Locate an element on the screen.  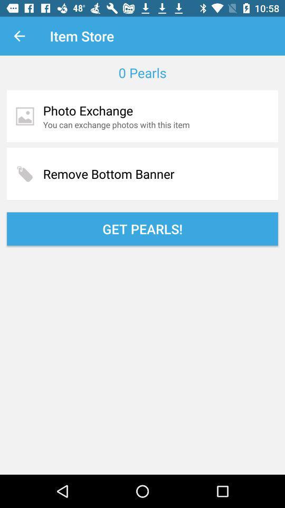
get pearls! item is located at coordinates (142, 229).